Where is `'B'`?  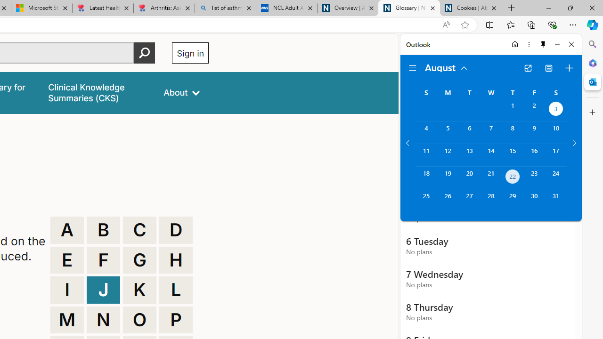 'B' is located at coordinates (103, 230).